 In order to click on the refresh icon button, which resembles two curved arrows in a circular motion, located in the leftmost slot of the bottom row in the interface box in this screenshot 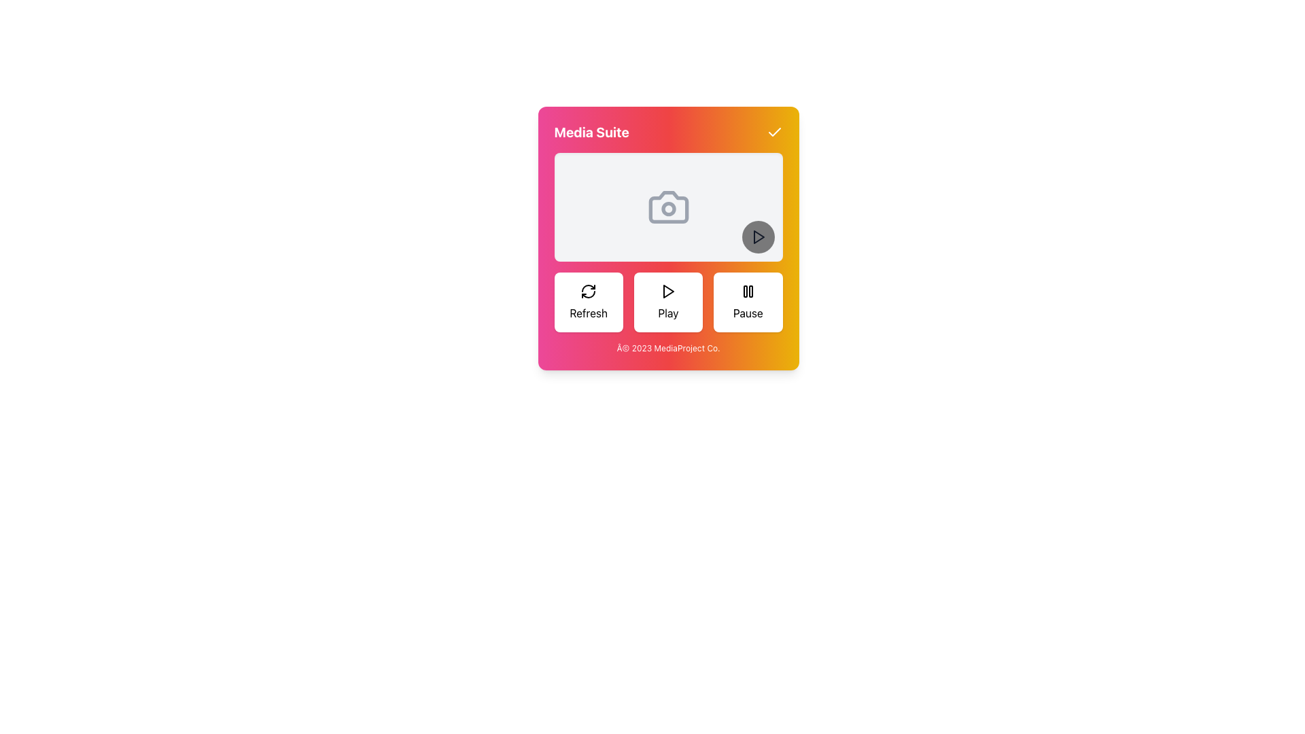, I will do `click(589, 290)`.